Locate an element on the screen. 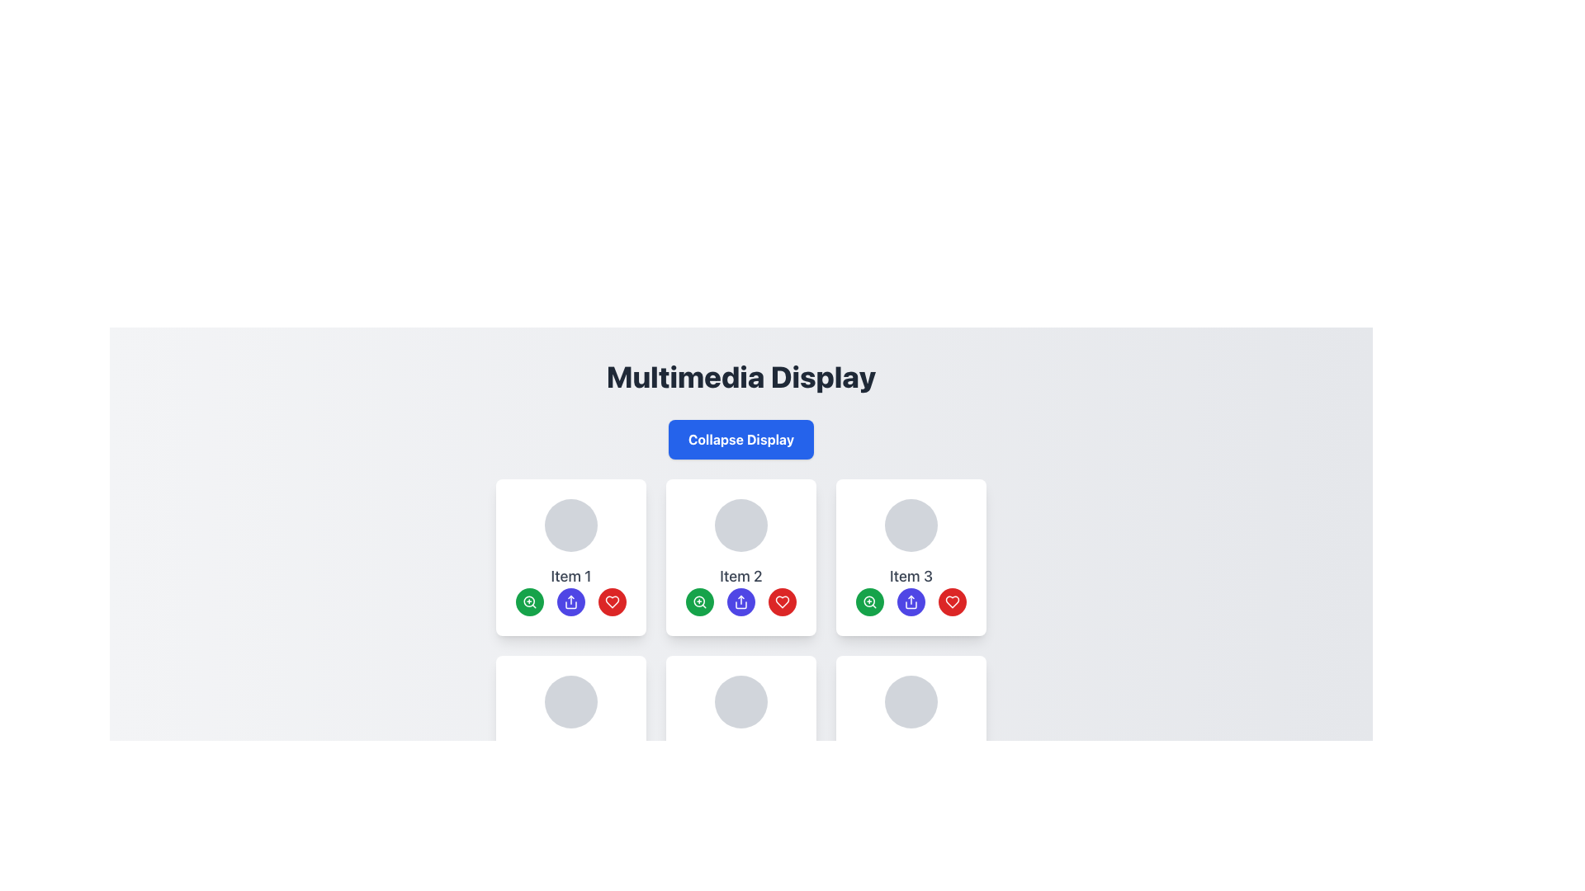 This screenshot has height=891, width=1585. the first button in the row of three buttons underneath the text label 'Item 2' is located at coordinates (700, 601).